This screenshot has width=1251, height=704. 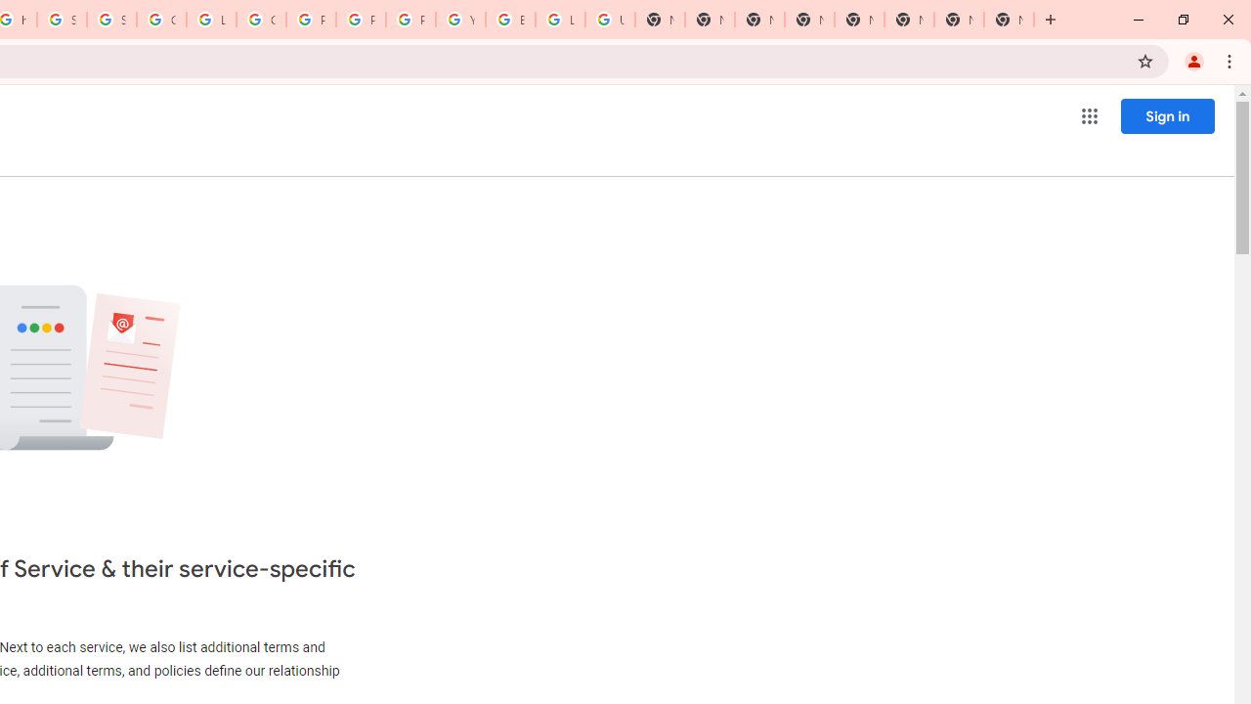 I want to click on 'Privacy Help Center - Policies Help', so click(x=361, y=20).